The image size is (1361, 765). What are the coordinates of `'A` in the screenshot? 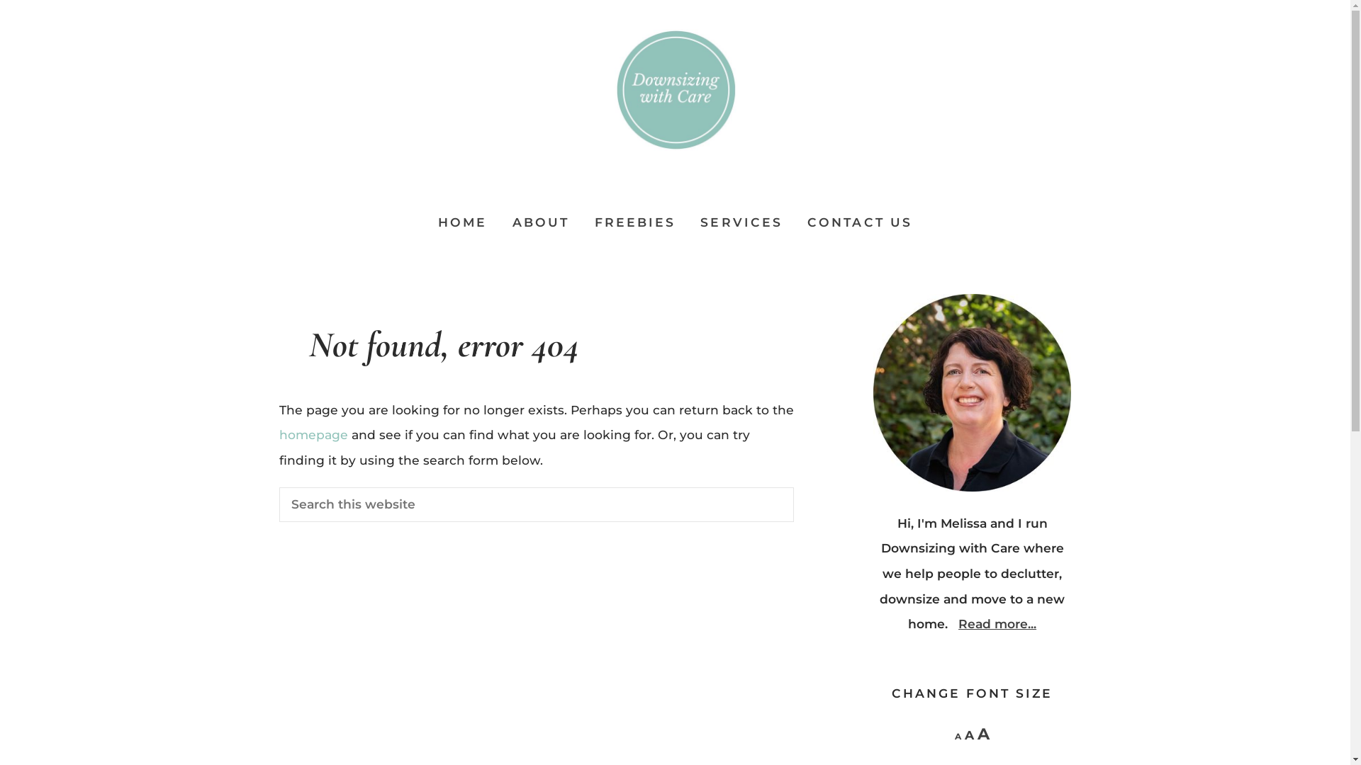 It's located at (955, 735).